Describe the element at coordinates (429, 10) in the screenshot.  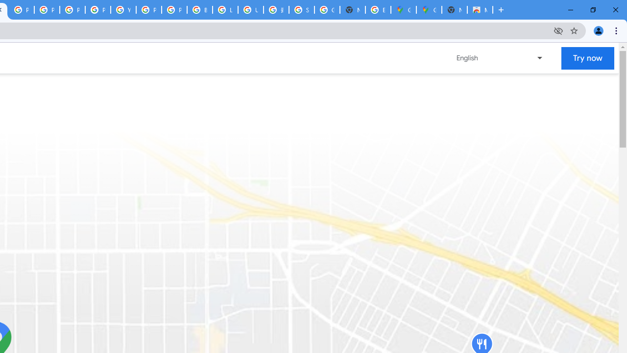
I see `'Google Maps'` at that location.